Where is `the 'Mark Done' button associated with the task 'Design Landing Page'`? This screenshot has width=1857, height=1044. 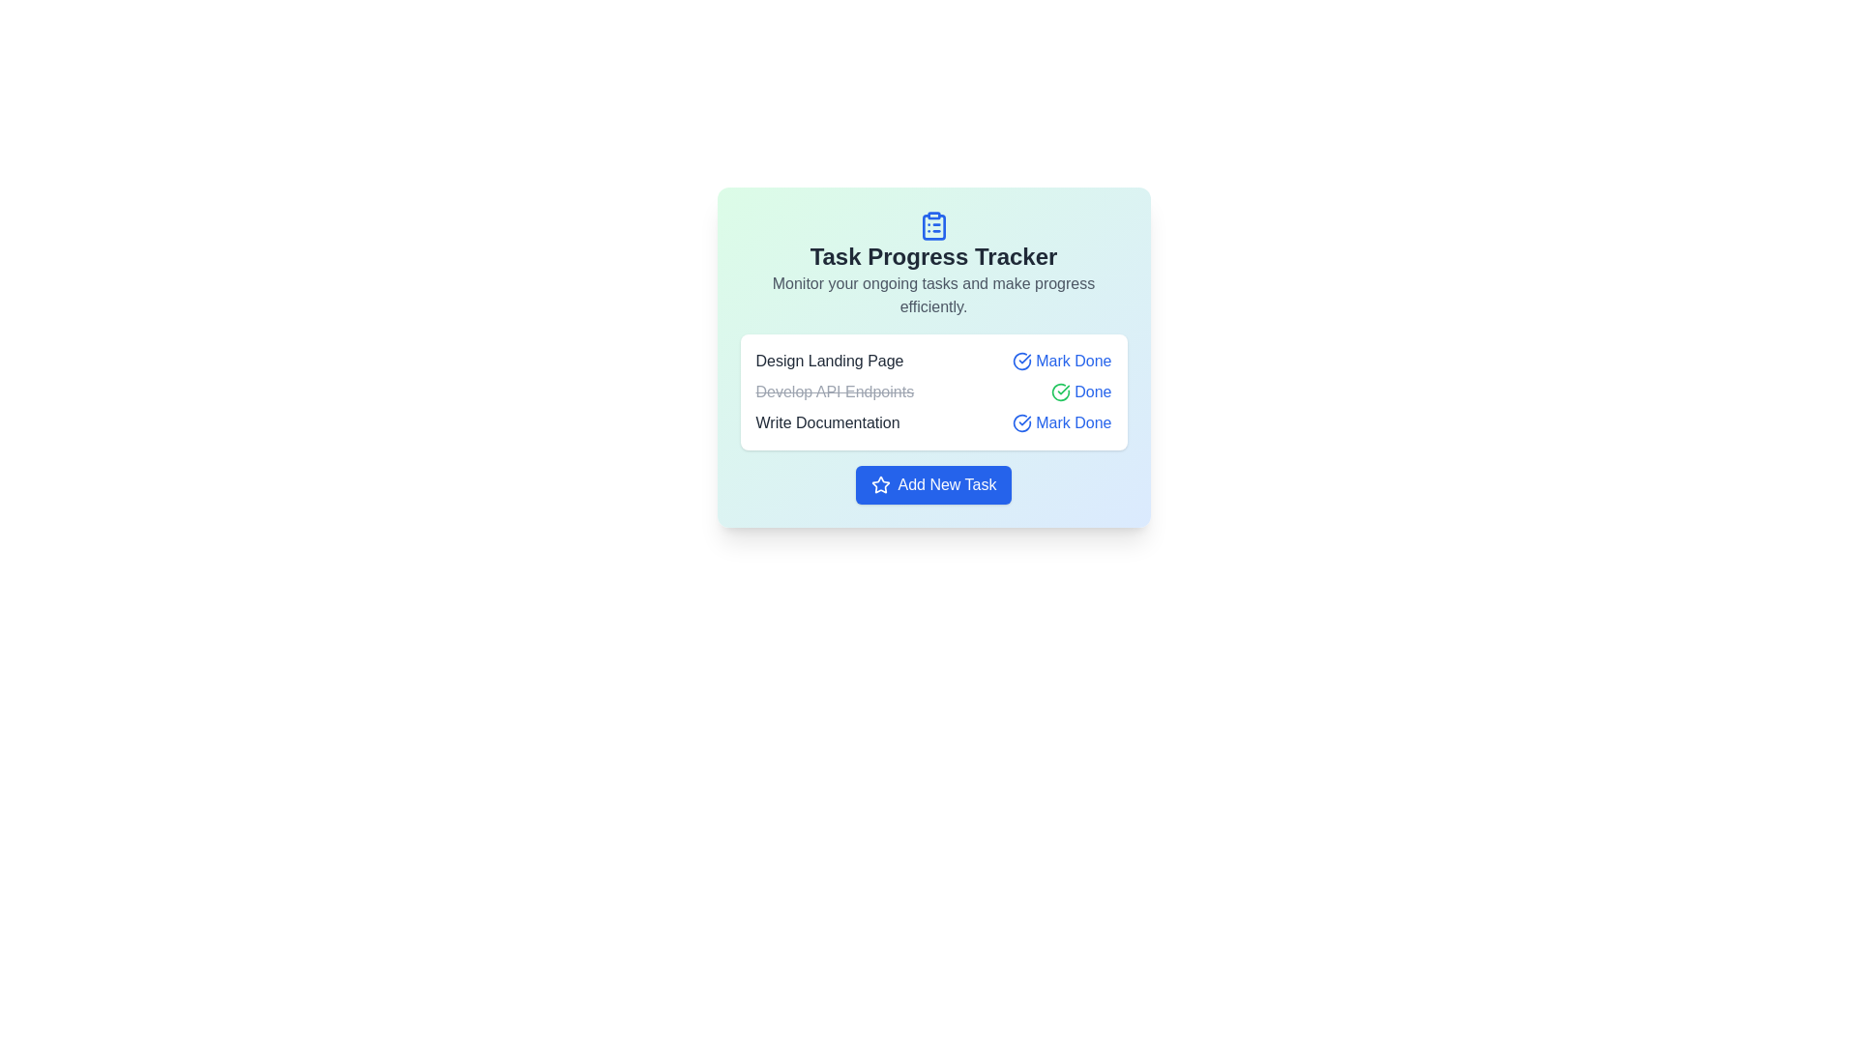 the 'Mark Done' button associated with the task 'Design Landing Page' is located at coordinates (1061, 362).